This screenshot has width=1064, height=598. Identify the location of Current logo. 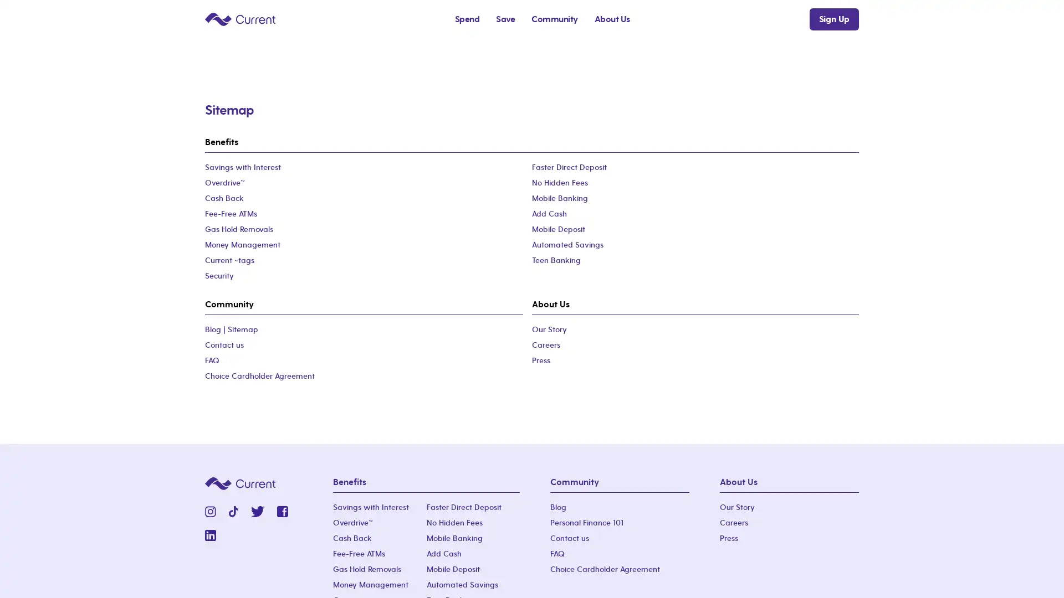
(239, 18).